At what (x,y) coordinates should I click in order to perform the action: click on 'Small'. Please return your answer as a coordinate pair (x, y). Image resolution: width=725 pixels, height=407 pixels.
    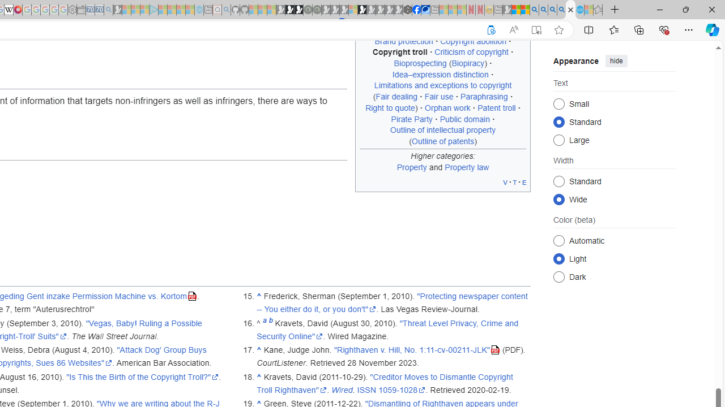
    Looking at the image, I should click on (558, 103).